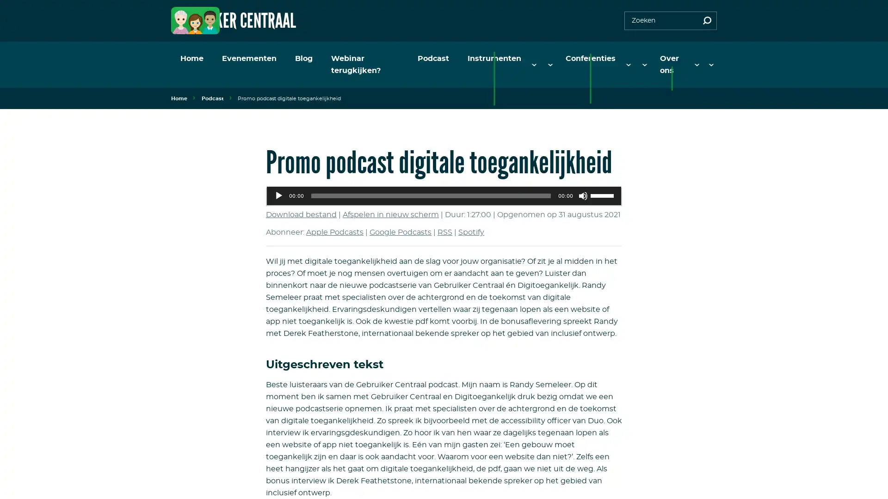 Image resolution: width=888 pixels, height=499 pixels. I want to click on Afbreken, so click(583, 183).